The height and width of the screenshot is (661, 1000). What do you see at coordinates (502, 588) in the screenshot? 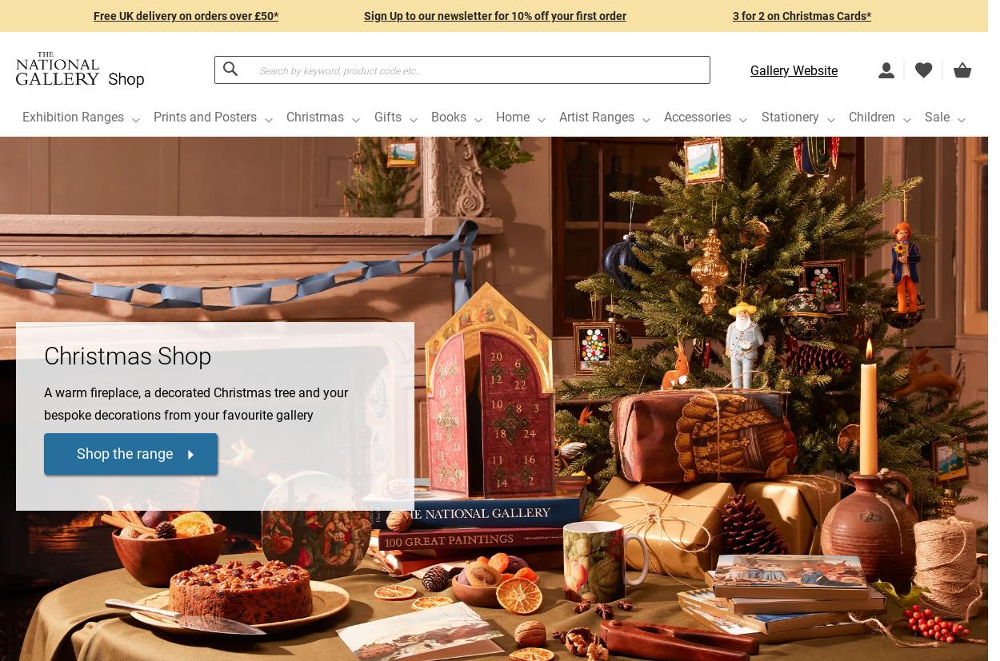
I see `'£6.99'` at bounding box center [502, 588].